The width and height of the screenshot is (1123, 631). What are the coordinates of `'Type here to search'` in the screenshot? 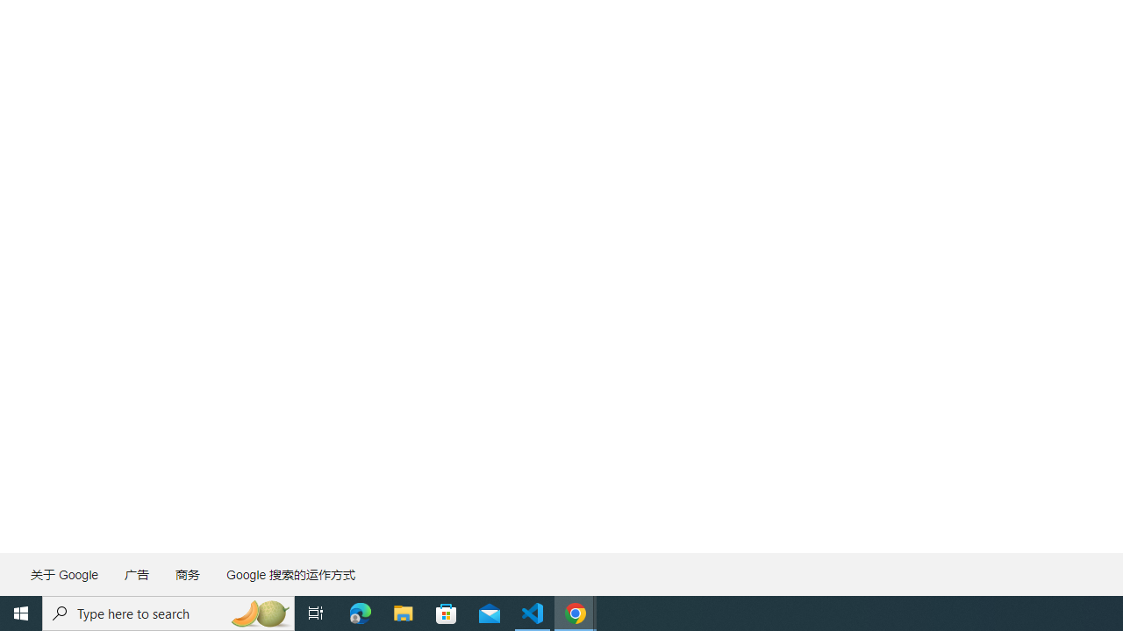 It's located at (168, 612).